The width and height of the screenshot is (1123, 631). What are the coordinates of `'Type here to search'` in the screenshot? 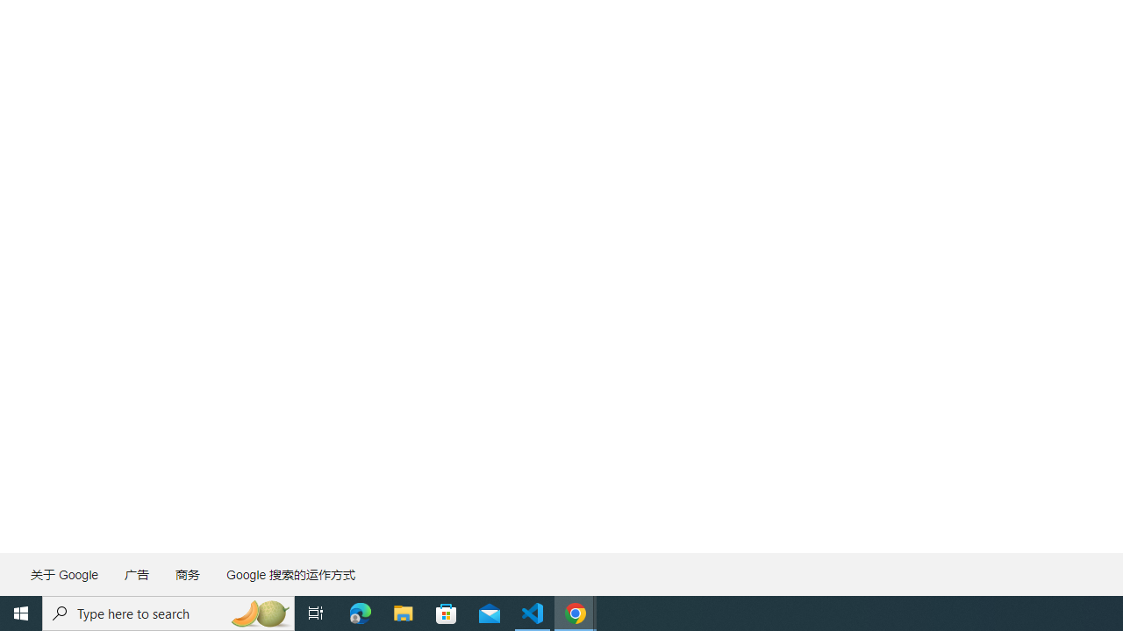 It's located at (168, 612).